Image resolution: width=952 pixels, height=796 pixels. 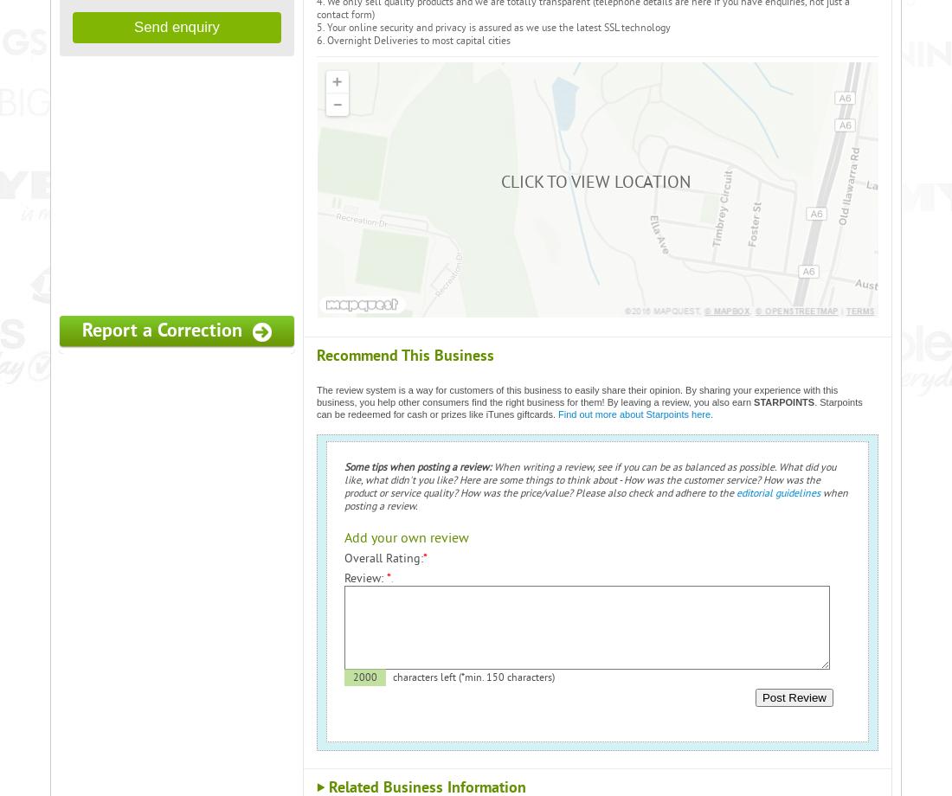 I want to click on '. Starpoints can be redeemed for cash or prizes like iTunes giftcards.', so click(x=589, y=408).